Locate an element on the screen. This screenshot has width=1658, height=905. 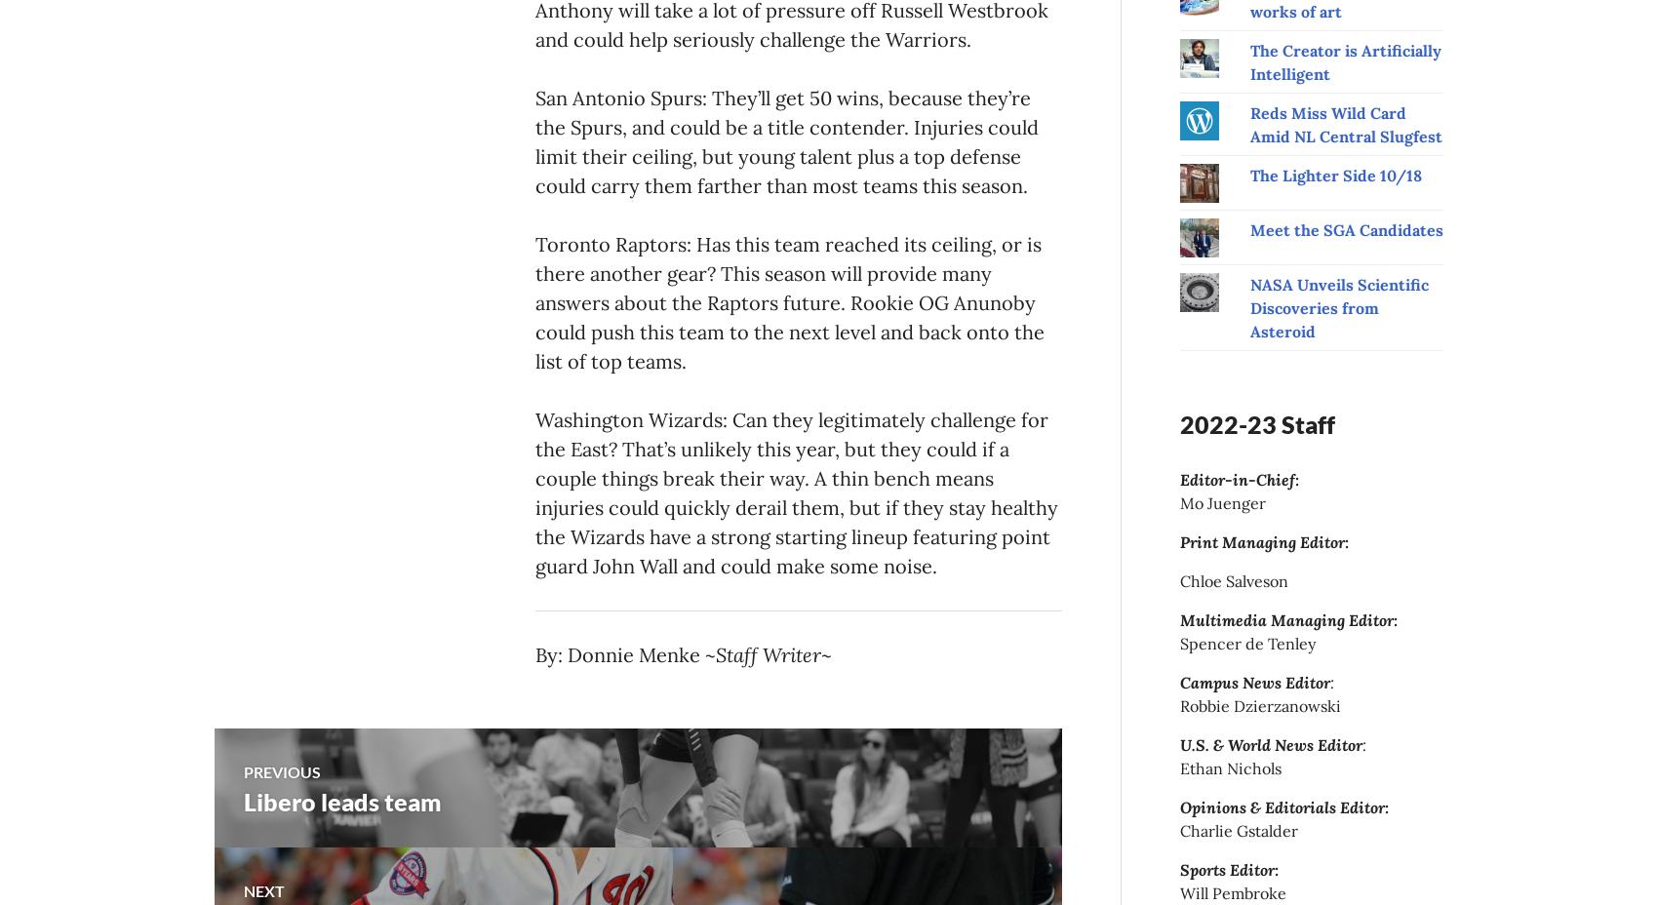
'NASA Unveils Scientific Discoveries from Asteroid' is located at coordinates (1338, 305).